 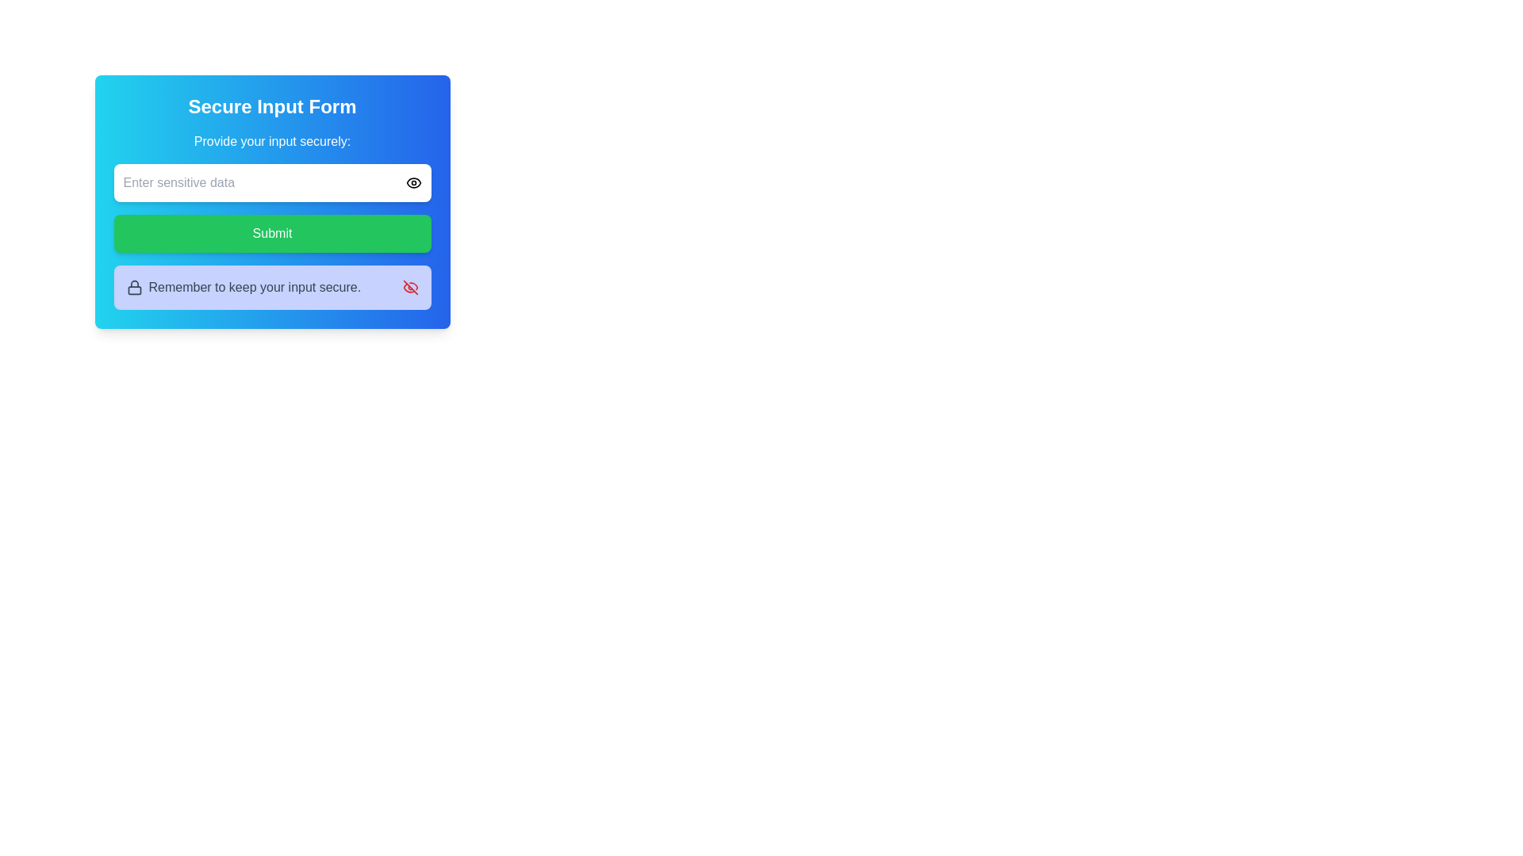 What do you see at coordinates (255, 287) in the screenshot?
I see `the security-related reminder text element located below the green 'Submit' button, to the right of the lock icon and to the left of the red interactive icon` at bounding box center [255, 287].